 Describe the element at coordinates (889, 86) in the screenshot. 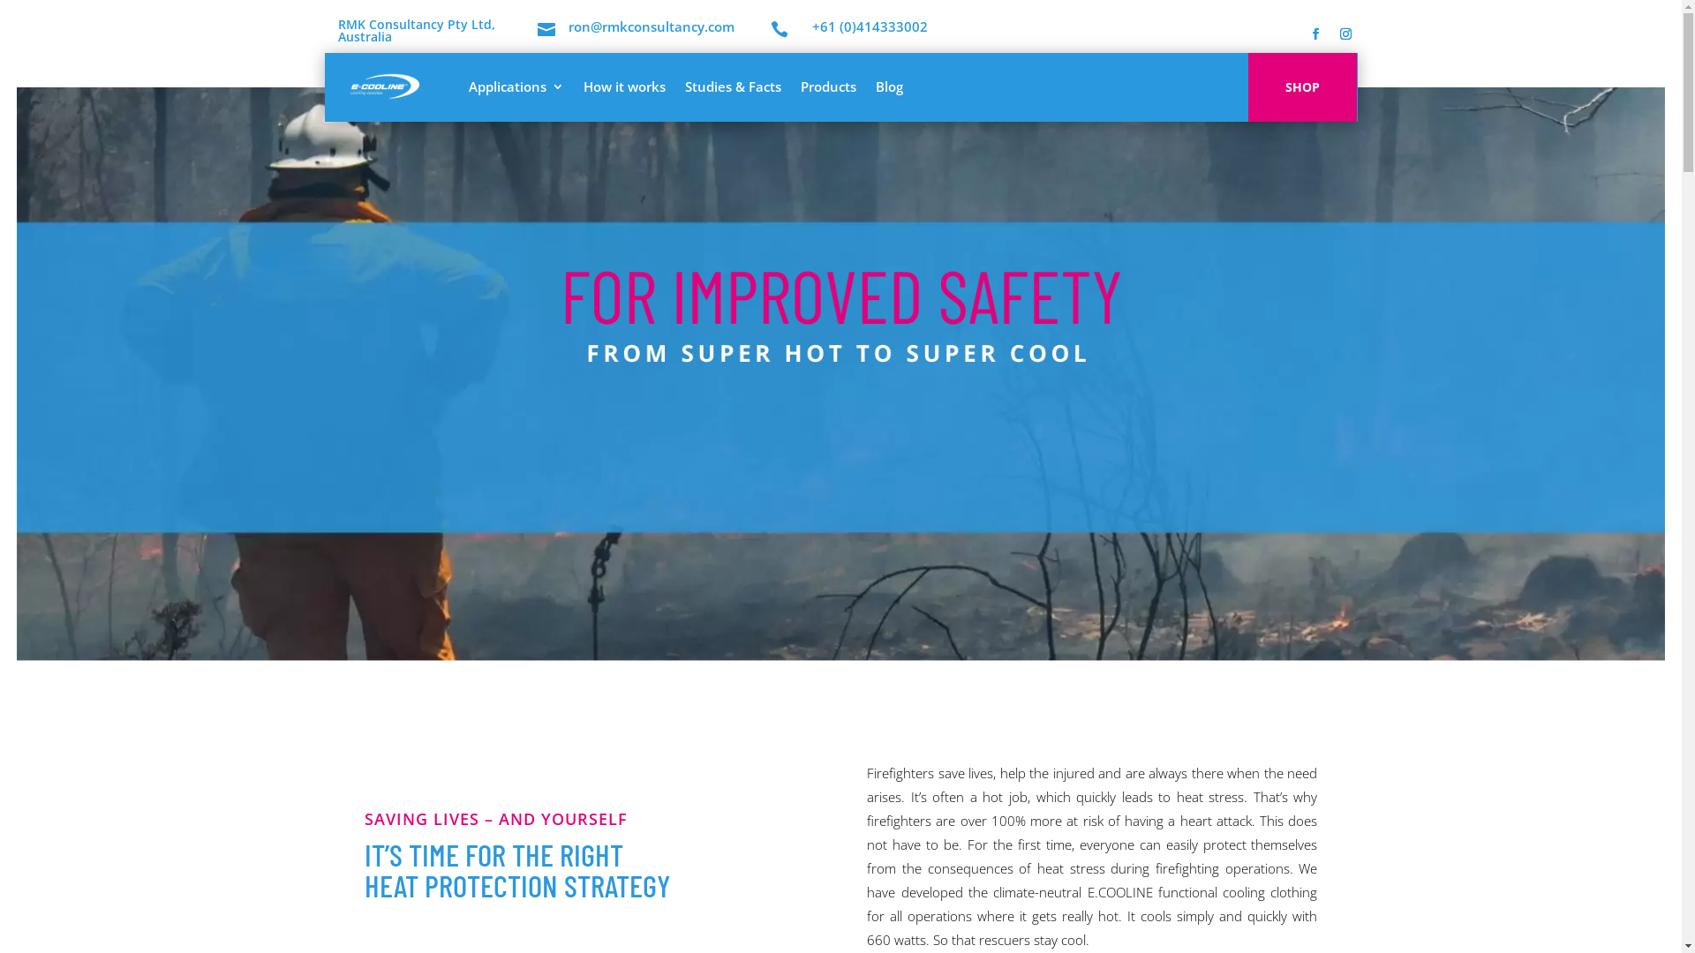

I see `'Blog'` at that location.